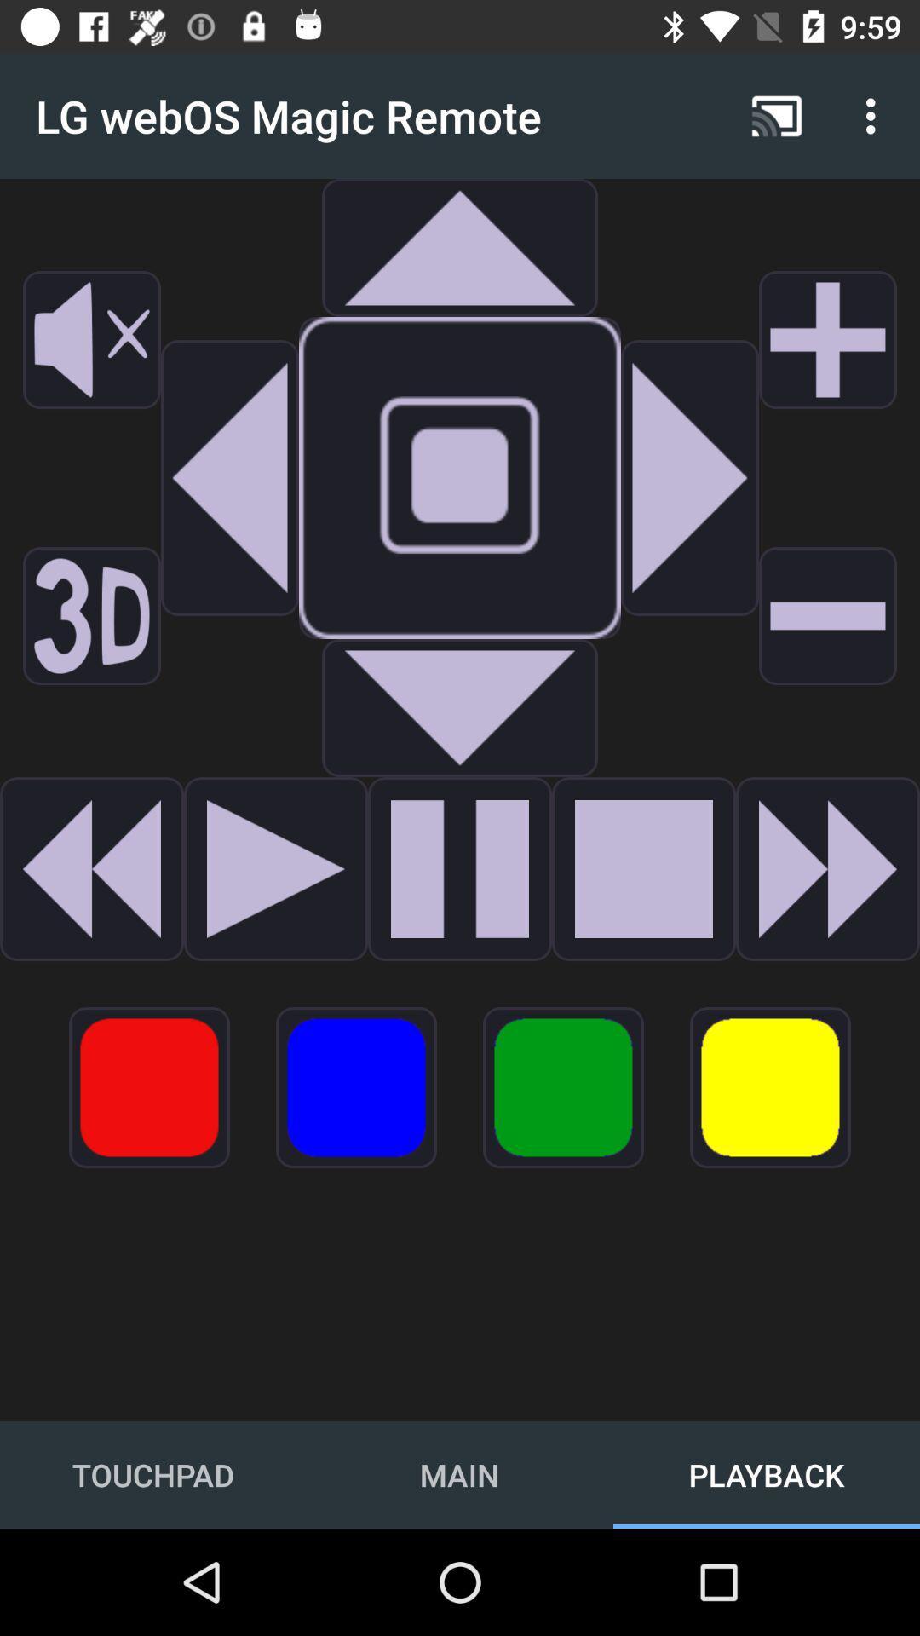  What do you see at coordinates (563, 1086) in the screenshot?
I see `green button` at bounding box center [563, 1086].